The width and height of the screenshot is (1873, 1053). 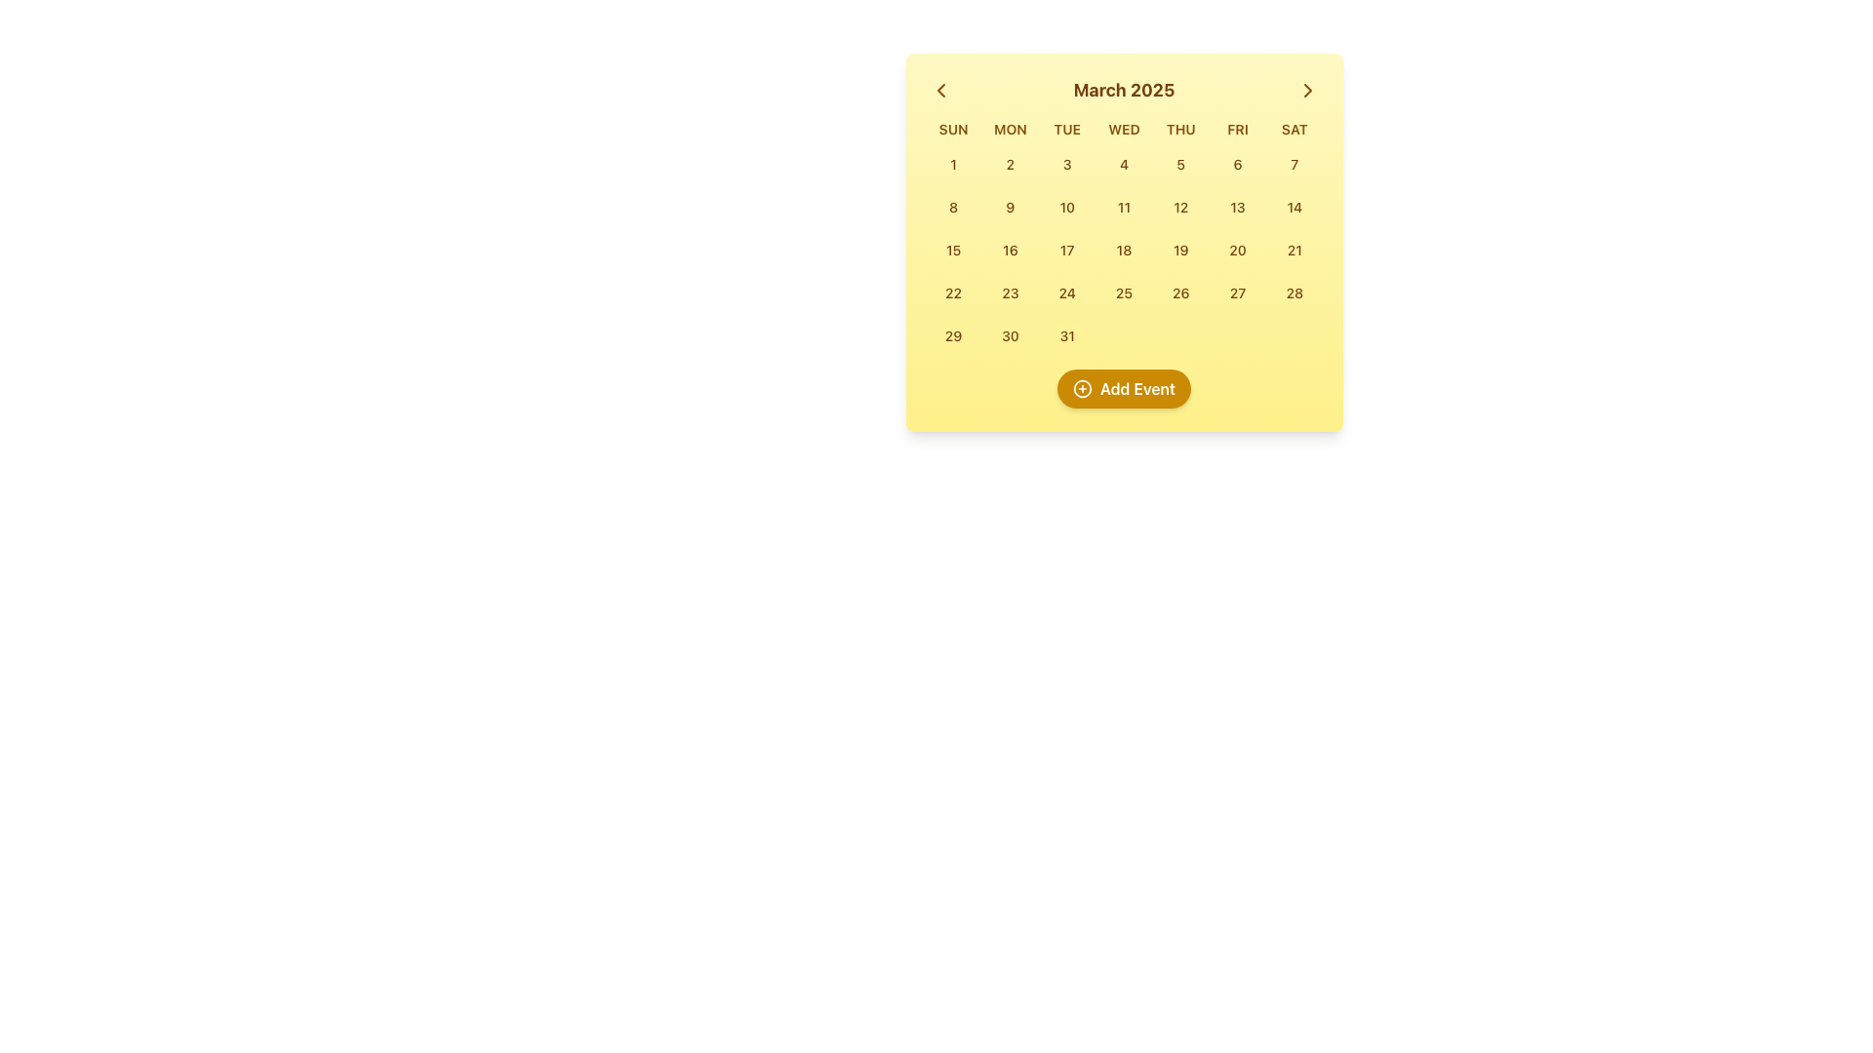 I want to click on the text label representing Tuesday, the 16th day of the month on the calendar grid, so click(x=1010, y=249).